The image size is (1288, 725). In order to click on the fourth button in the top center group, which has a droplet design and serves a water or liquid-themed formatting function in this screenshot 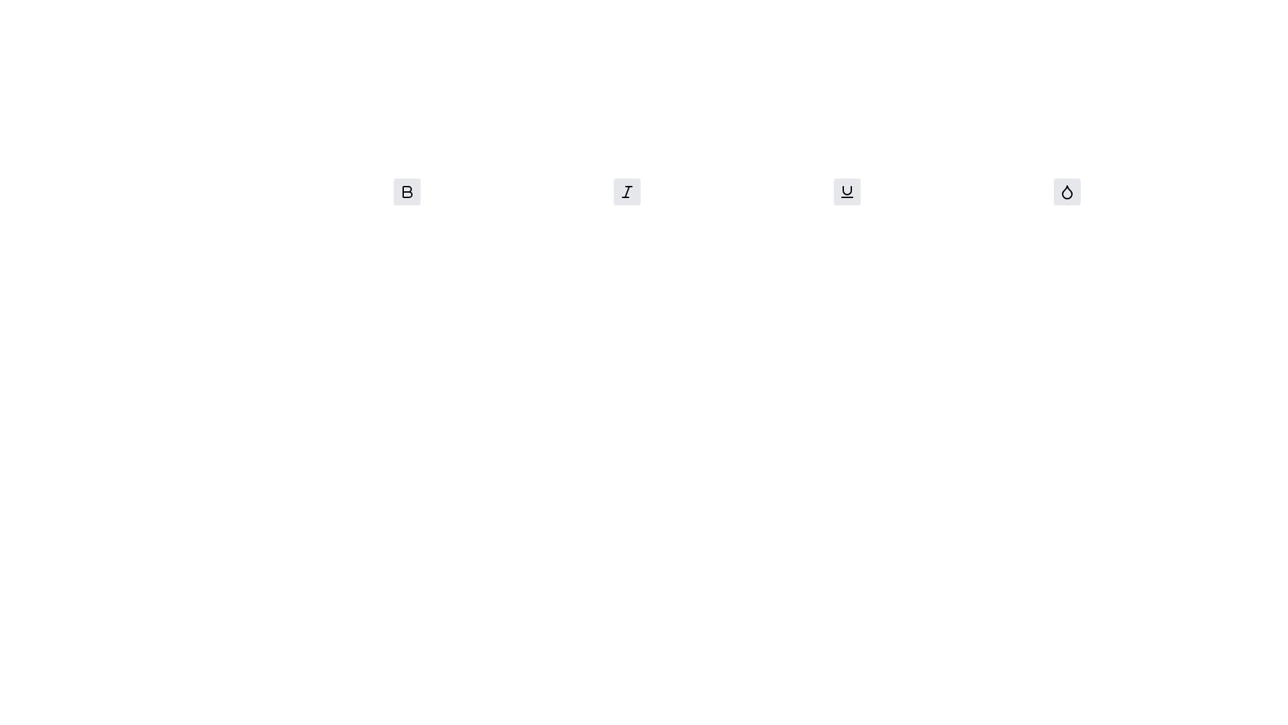, I will do `click(1066, 191)`.